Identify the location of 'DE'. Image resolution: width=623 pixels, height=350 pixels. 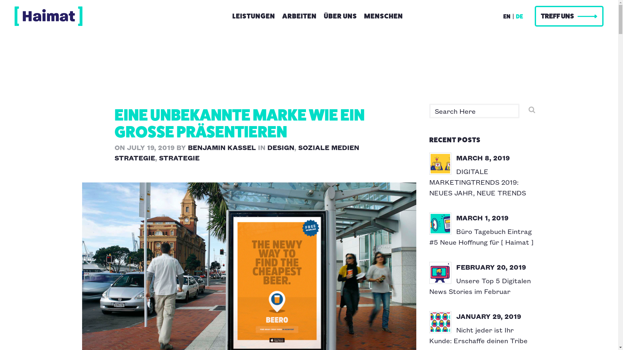
(519, 16).